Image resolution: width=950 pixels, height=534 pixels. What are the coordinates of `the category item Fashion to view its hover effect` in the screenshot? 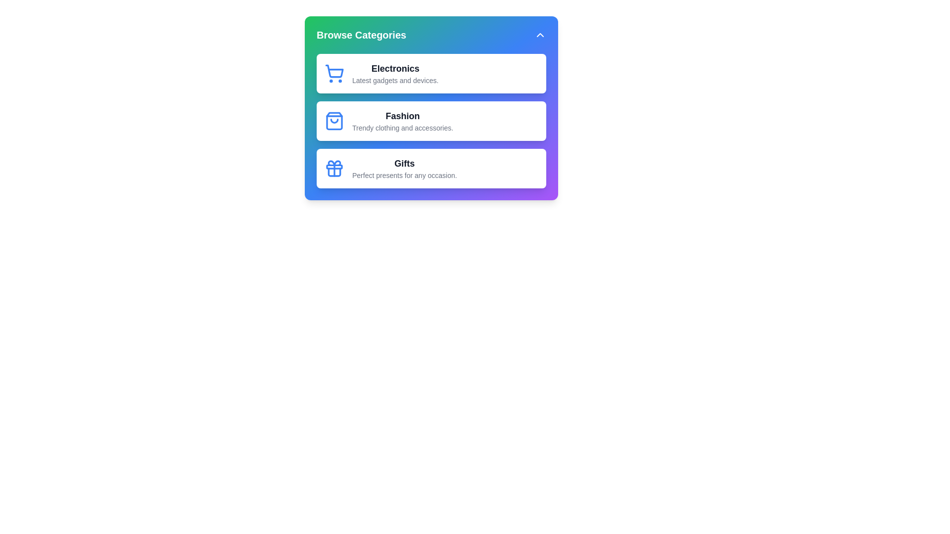 It's located at (431, 121).